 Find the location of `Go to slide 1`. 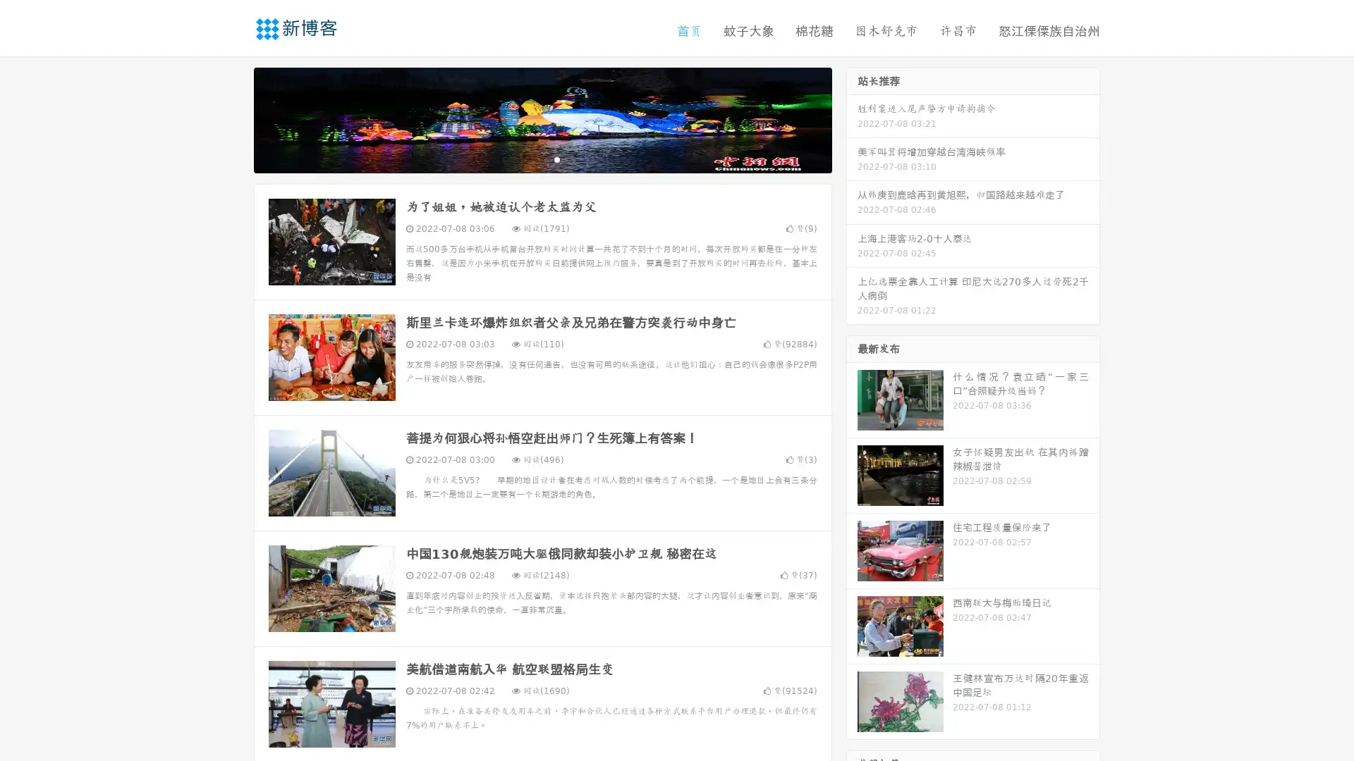

Go to slide 1 is located at coordinates (527, 159).